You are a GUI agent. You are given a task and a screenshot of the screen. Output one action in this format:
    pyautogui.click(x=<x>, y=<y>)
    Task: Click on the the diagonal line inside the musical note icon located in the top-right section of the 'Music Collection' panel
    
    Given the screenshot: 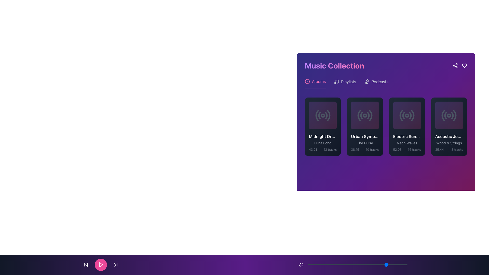 What is the action you would take?
    pyautogui.click(x=337, y=81)
    